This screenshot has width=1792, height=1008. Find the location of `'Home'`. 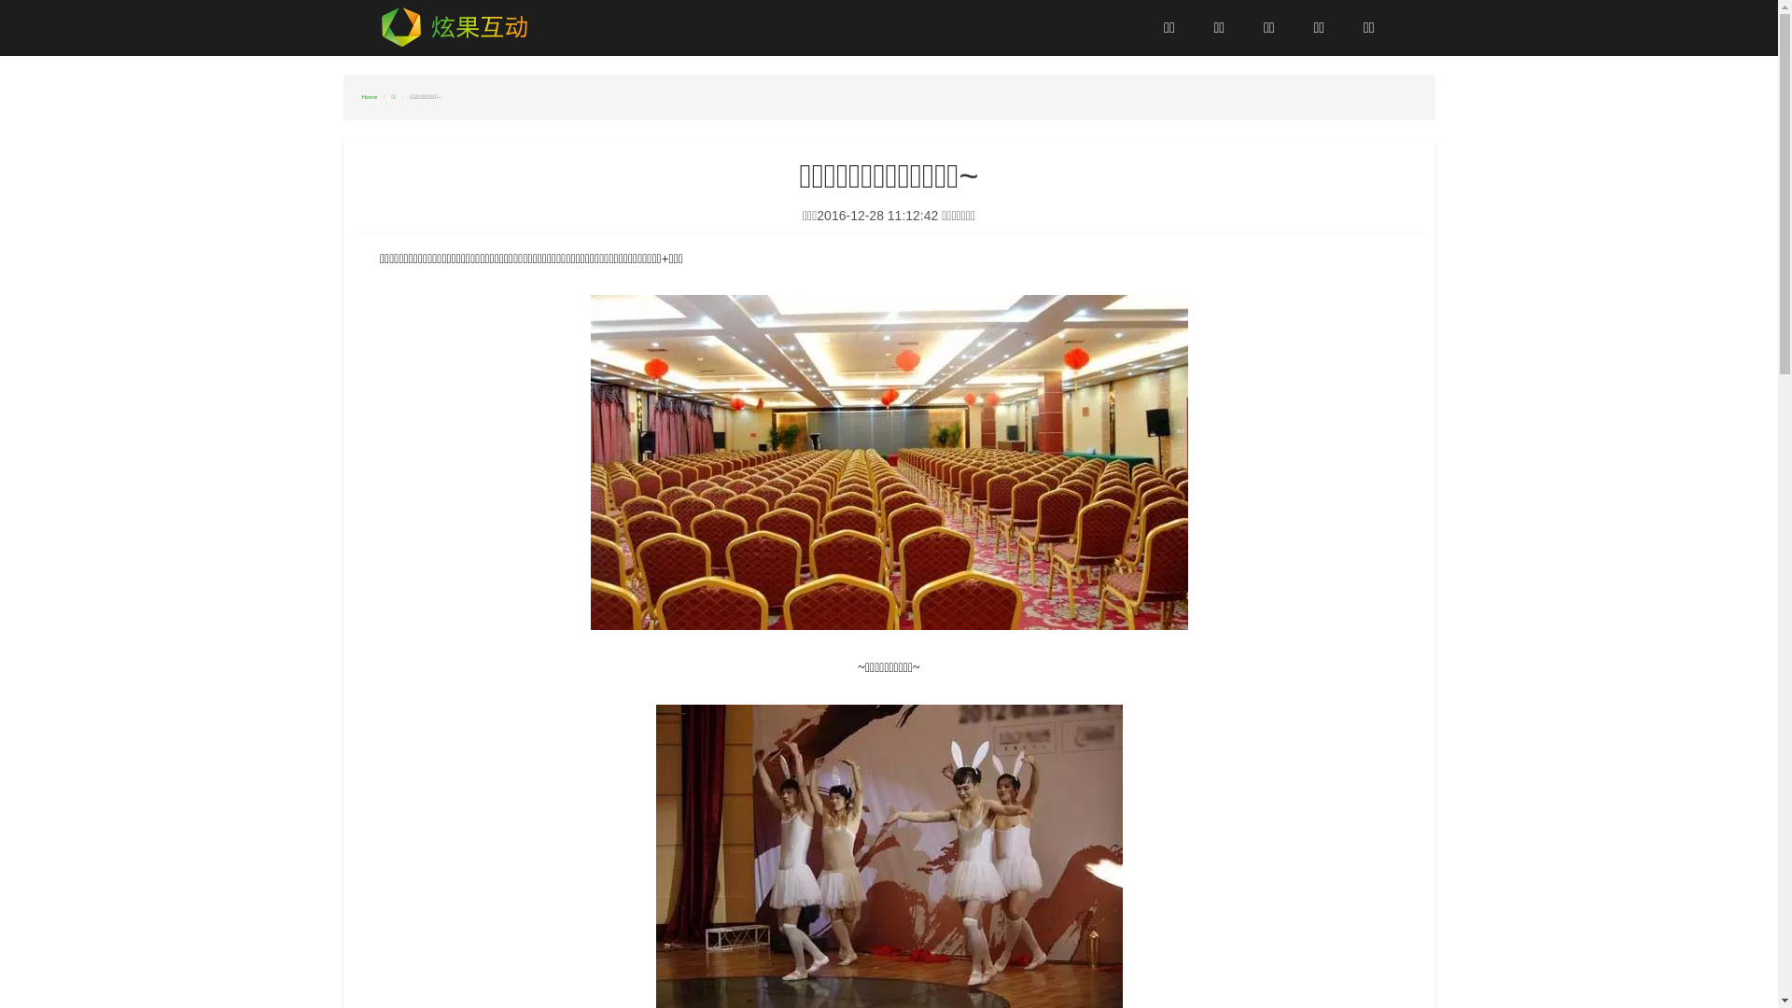

'Home' is located at coordinates (370, 96).